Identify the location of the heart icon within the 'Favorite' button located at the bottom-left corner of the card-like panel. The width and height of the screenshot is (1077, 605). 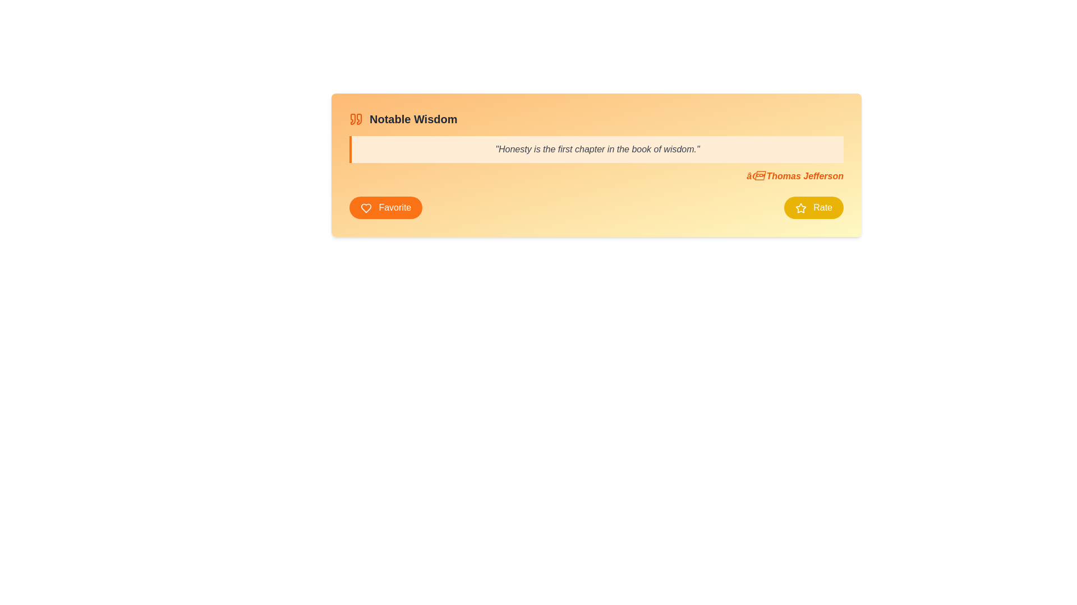
(366, 207).